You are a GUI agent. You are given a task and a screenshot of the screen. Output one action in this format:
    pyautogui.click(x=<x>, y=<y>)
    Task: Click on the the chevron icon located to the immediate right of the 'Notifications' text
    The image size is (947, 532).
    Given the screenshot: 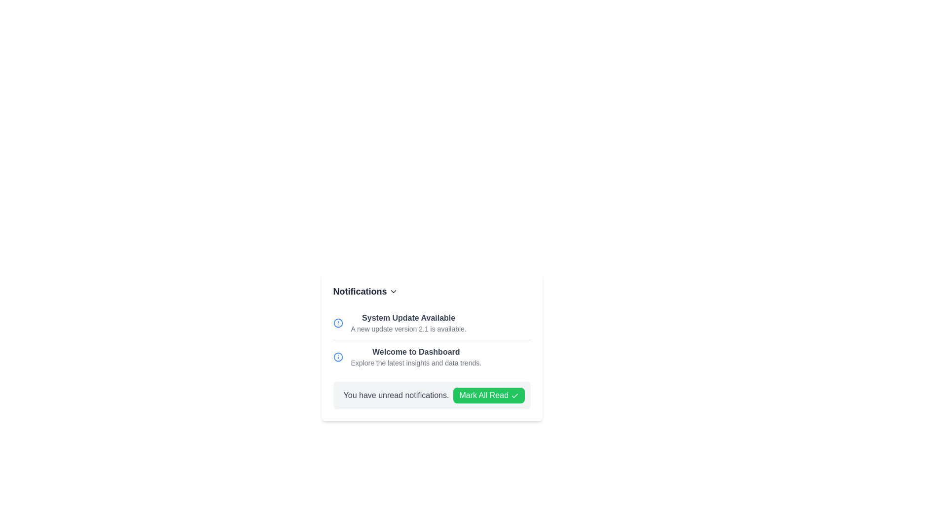 What is the action you would take?
    pyautogui.click(x=393, y=291)
    